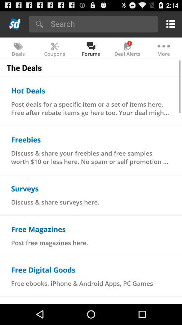 Image resolution: width=182 pixels, height=325 pixels. Describe the element at coordinates (102, 23) in the screenshot. I see `type search query` at that location.